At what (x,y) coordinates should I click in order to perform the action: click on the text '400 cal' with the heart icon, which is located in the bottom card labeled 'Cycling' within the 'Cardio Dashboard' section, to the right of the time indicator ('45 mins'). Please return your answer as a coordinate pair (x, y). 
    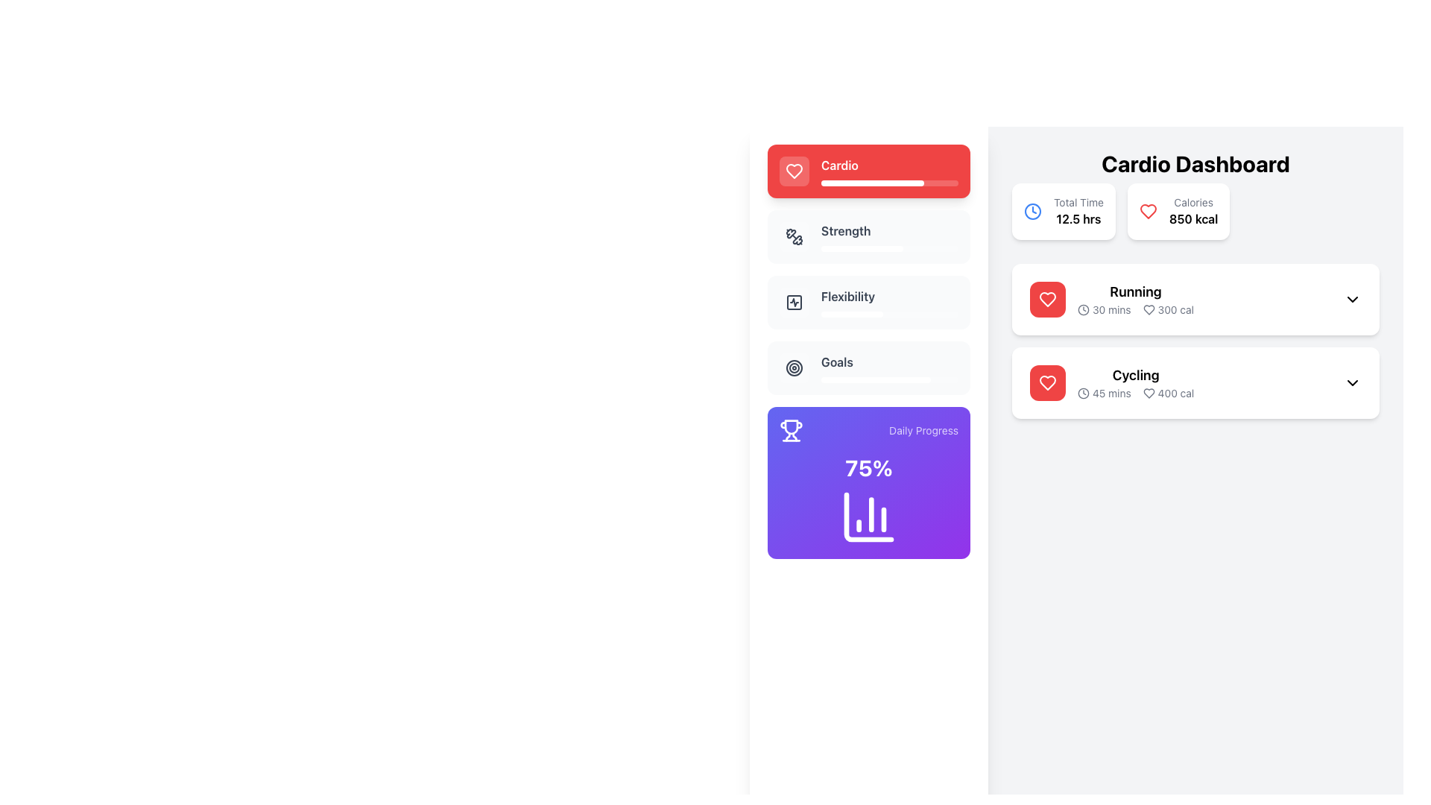
    Looking at the image, I should click on (1168, 393).